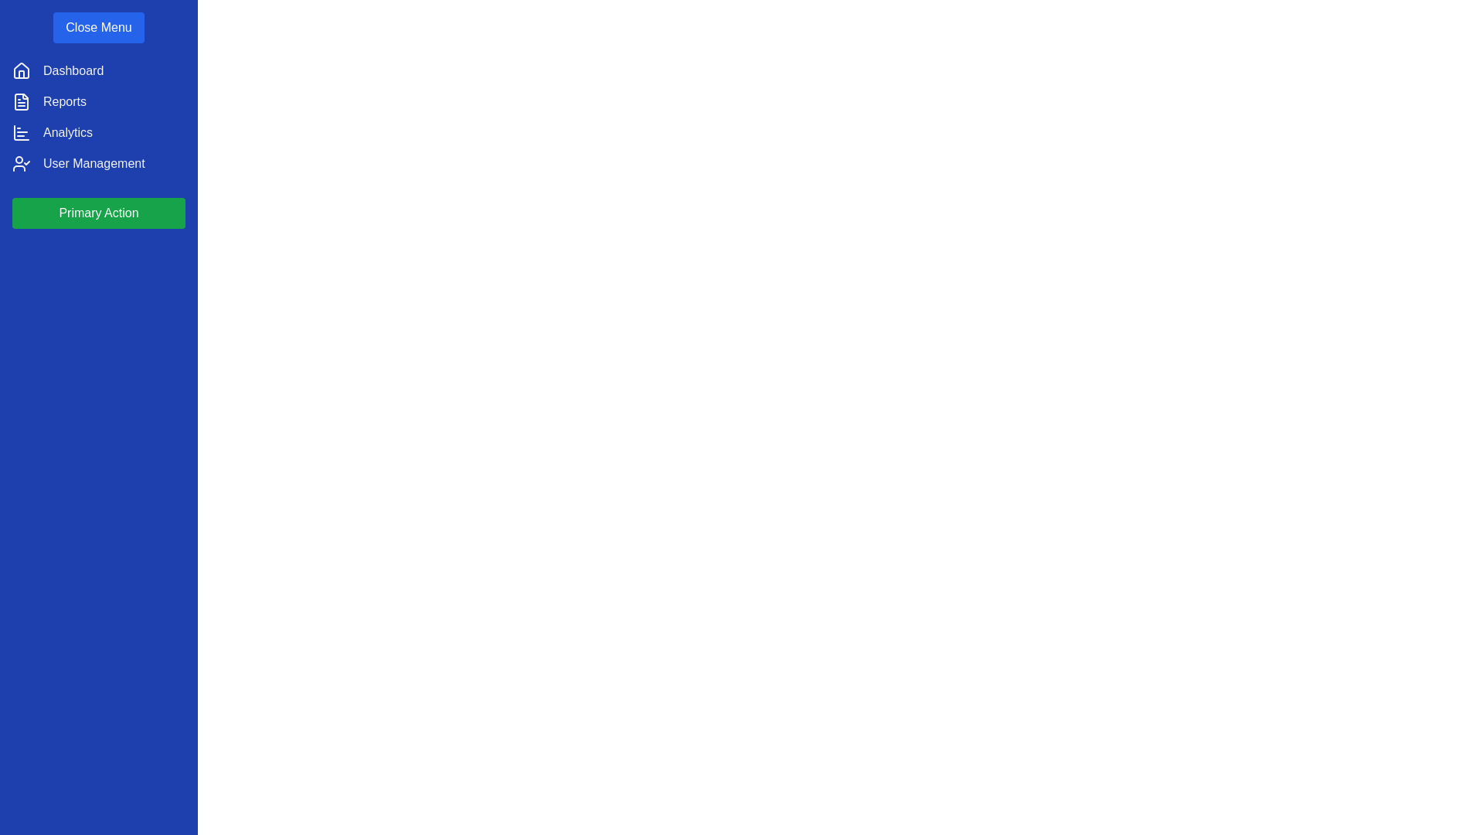 This screenshot has height=835, width=1484. Describe the element at coordinates (98, 213) in the screenshot. I see `the primary action button` at that location.